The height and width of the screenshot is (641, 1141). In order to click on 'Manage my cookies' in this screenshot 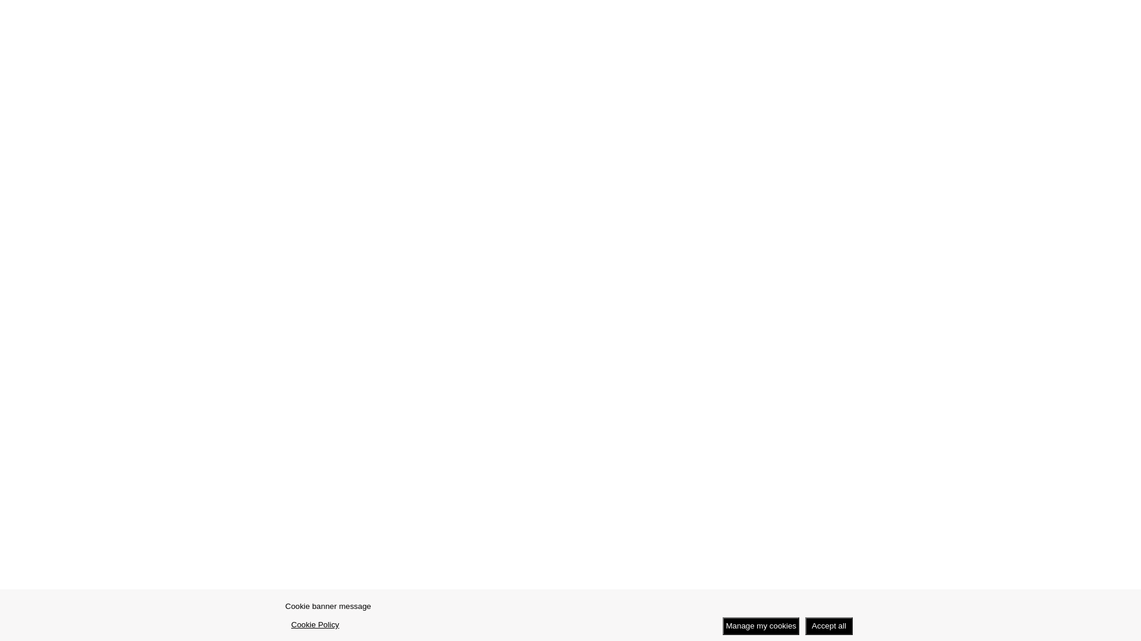, I will do `click(721, 626)`.